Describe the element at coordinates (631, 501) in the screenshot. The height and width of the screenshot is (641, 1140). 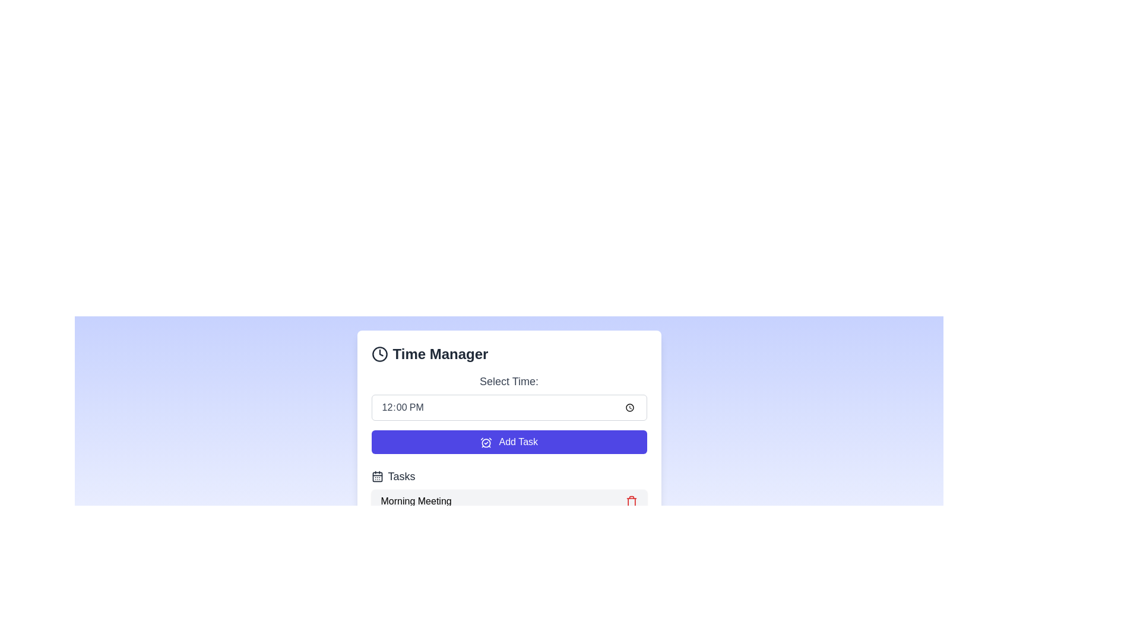
I see `the red trash icon button located to the far right of the 'Morning Meeting' task item to initiate deletion` at that location.